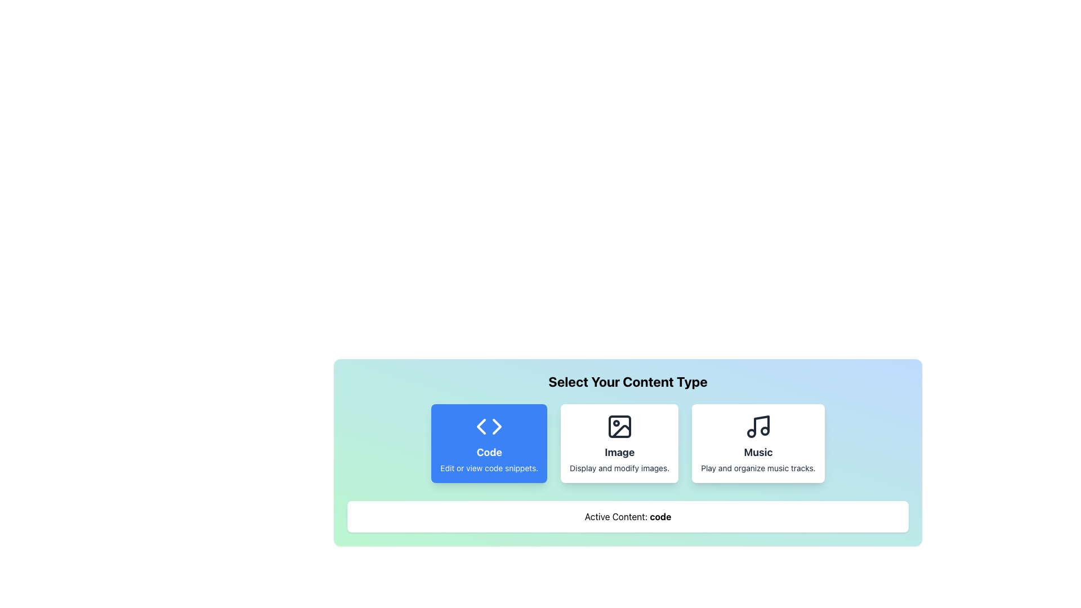 Image resolution: width=1081 pixels, height=608 pixels. Describe the element at coordinates (620, 431) in the screenshot. I see `the decorative graphic within the 'Image' selection option, which is the middle item under the 'Select Your Content Type' heading` at that location.